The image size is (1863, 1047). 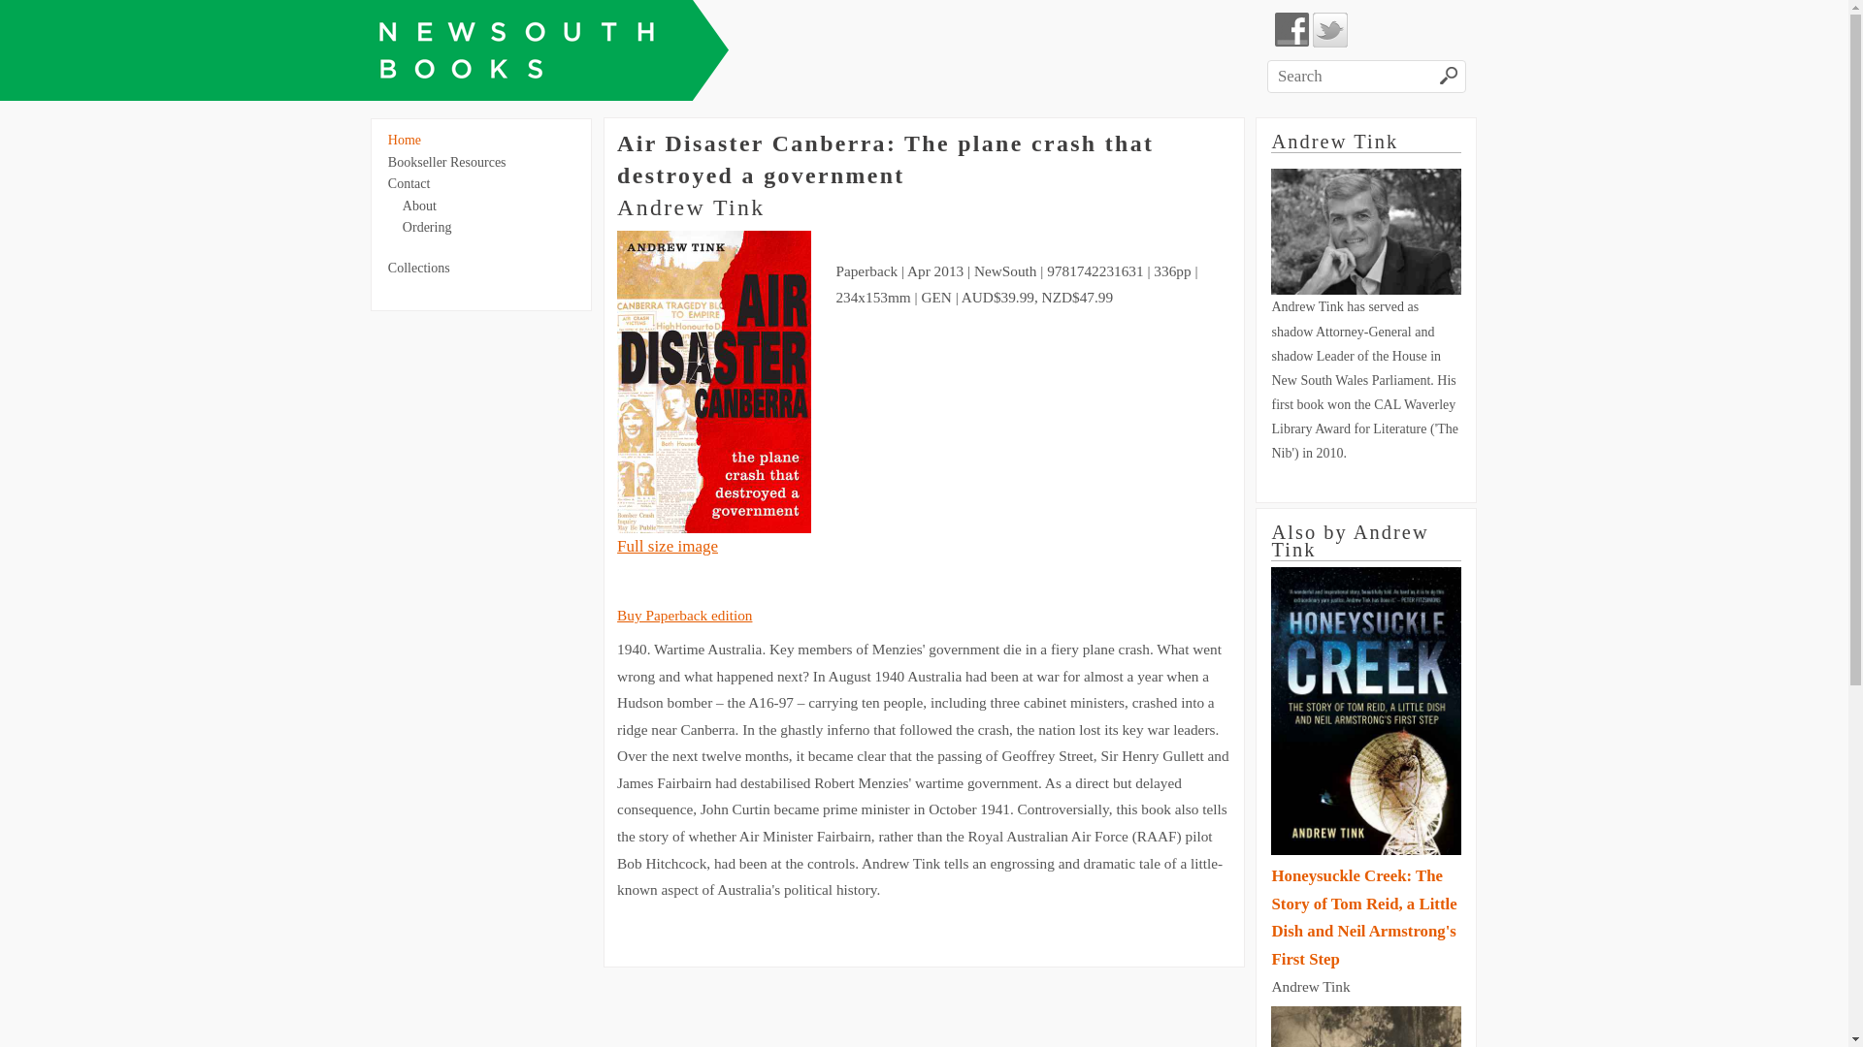 What do you see at coordinates (404, 139) in the screenshot?
I see `'Home'` at bounding box center [404, 139].